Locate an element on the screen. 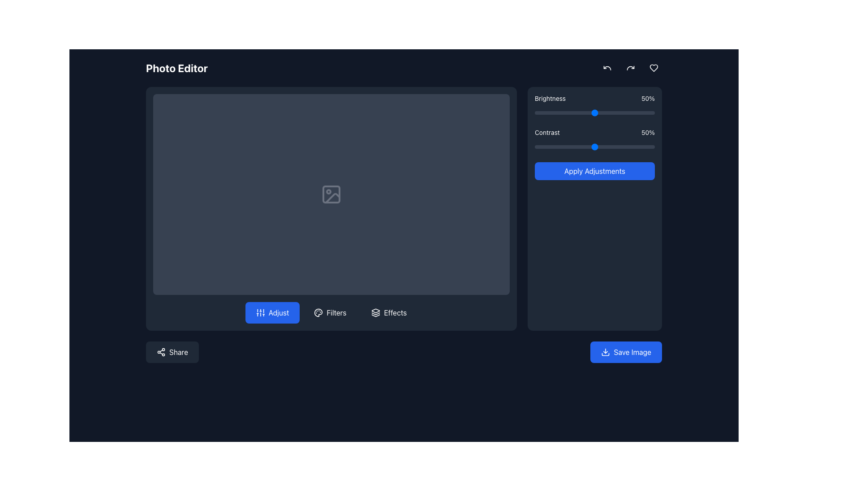 This screenshot has width=860, height=484. brightness is located at coordinates (642, 112).